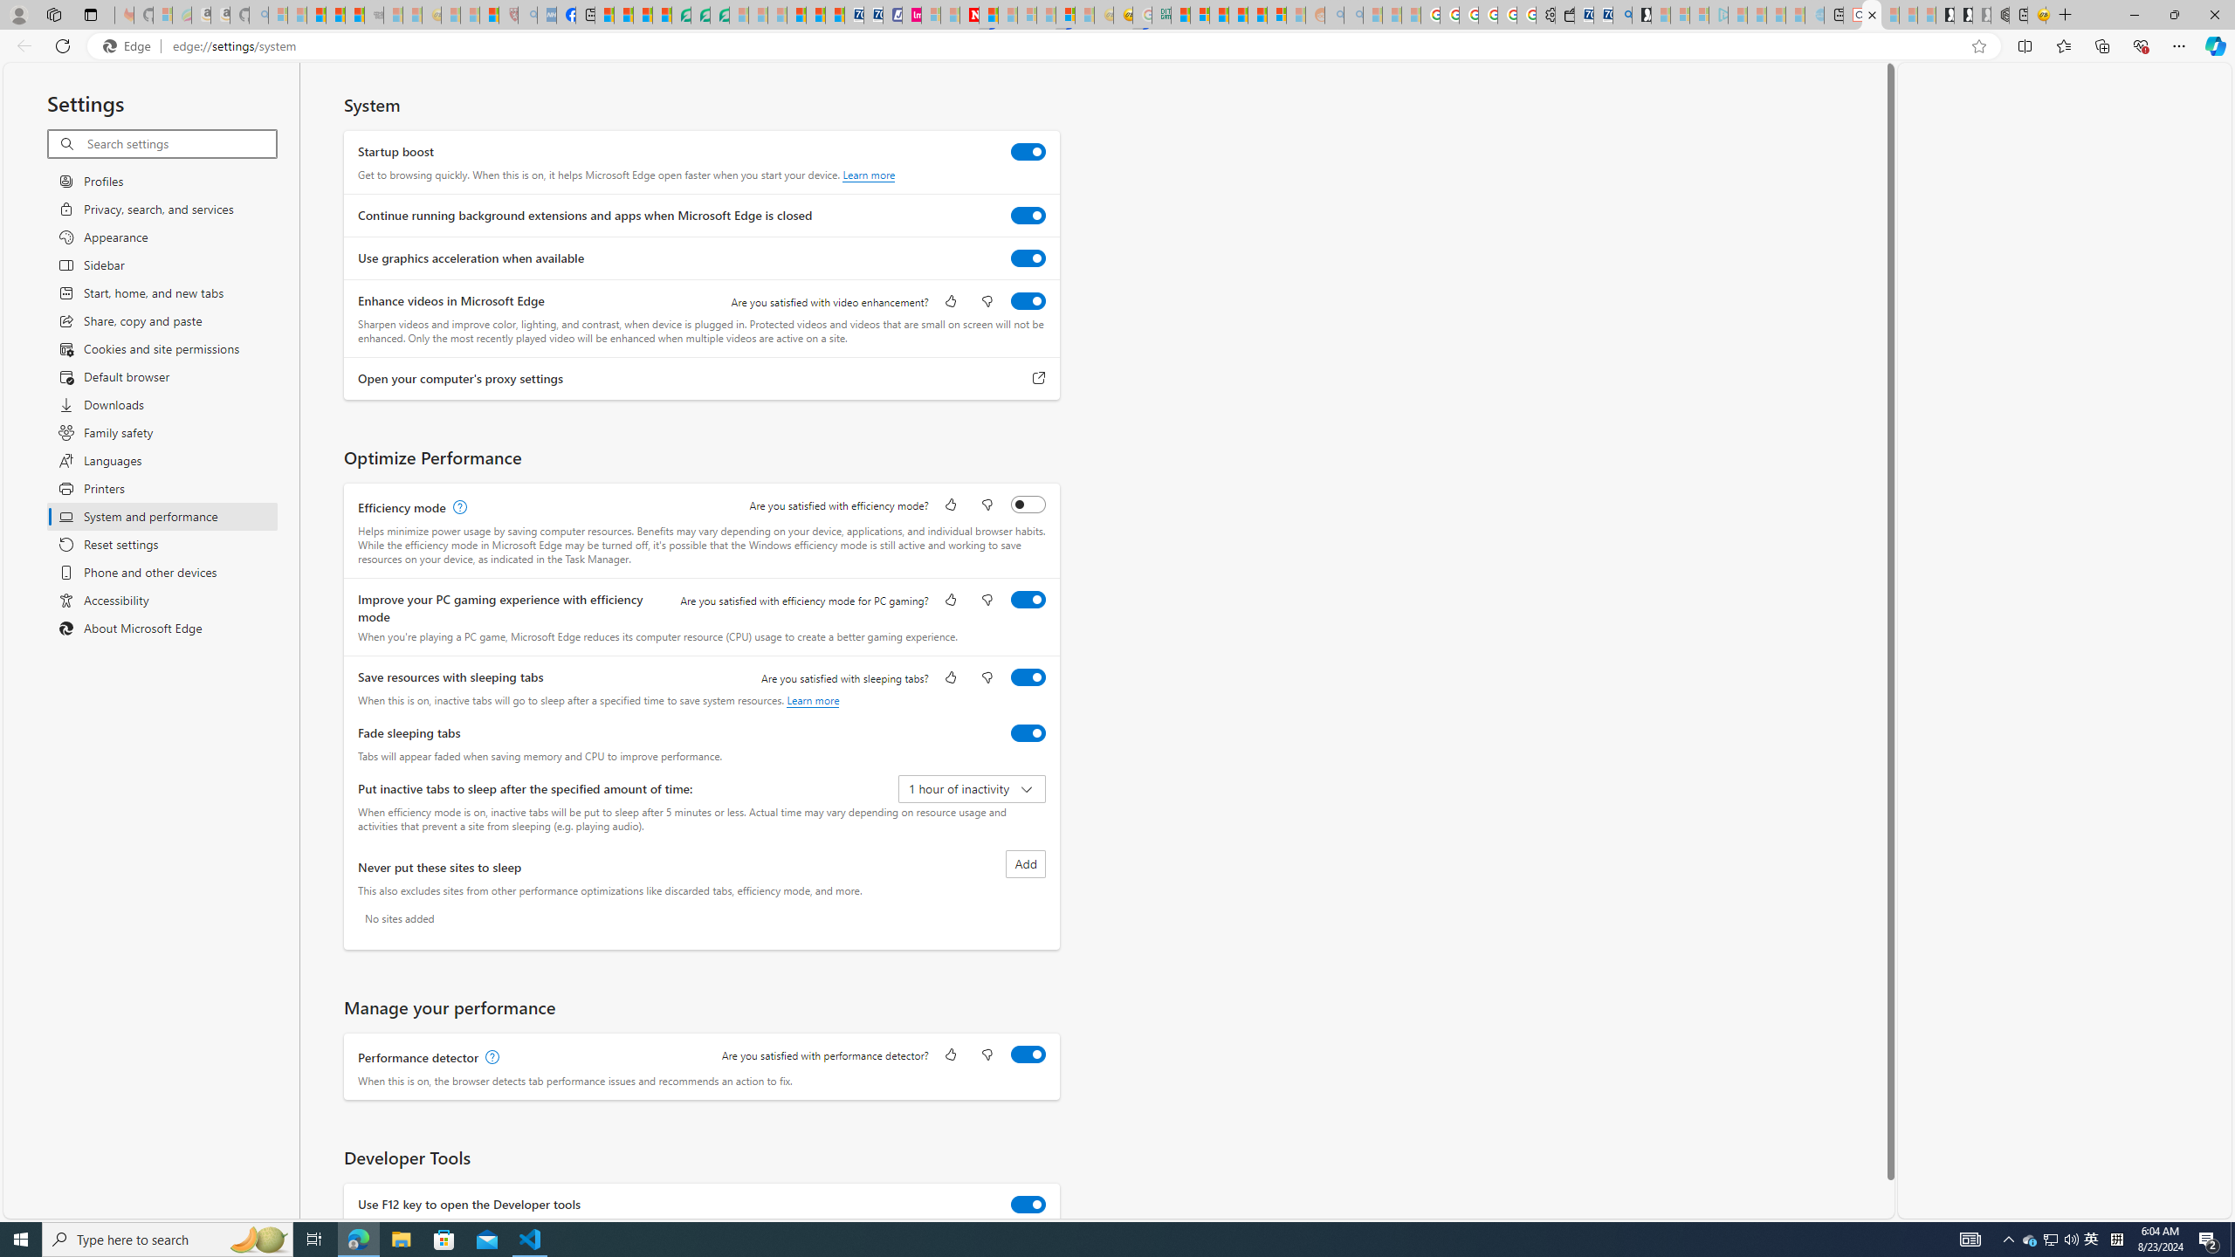  I want to click on 'Microsoft Word - consumer-privacy address update 2.2021', so click(719, 14).